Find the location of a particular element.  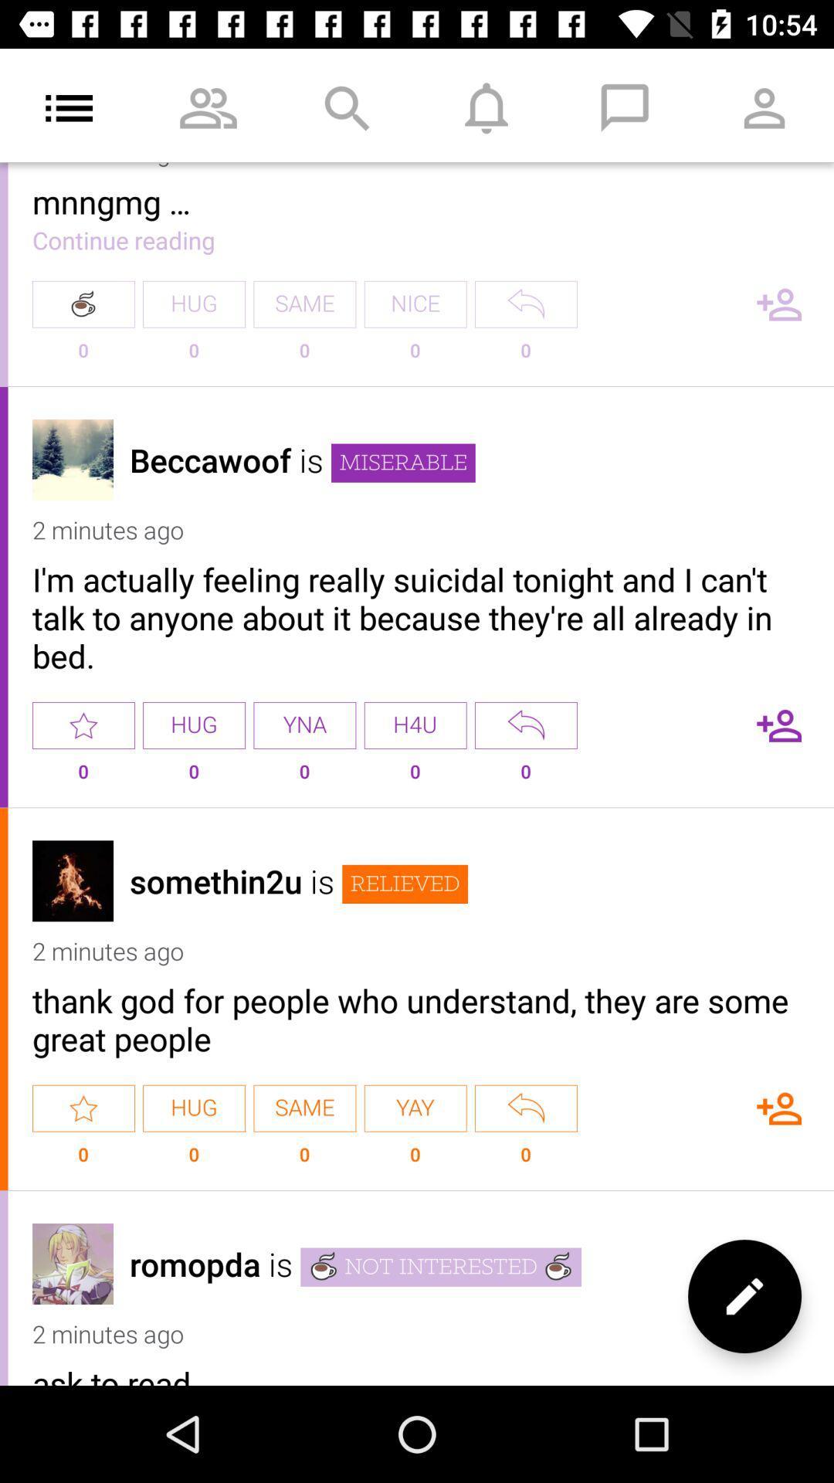

indicate the rating is located at coordinates (83, 725).